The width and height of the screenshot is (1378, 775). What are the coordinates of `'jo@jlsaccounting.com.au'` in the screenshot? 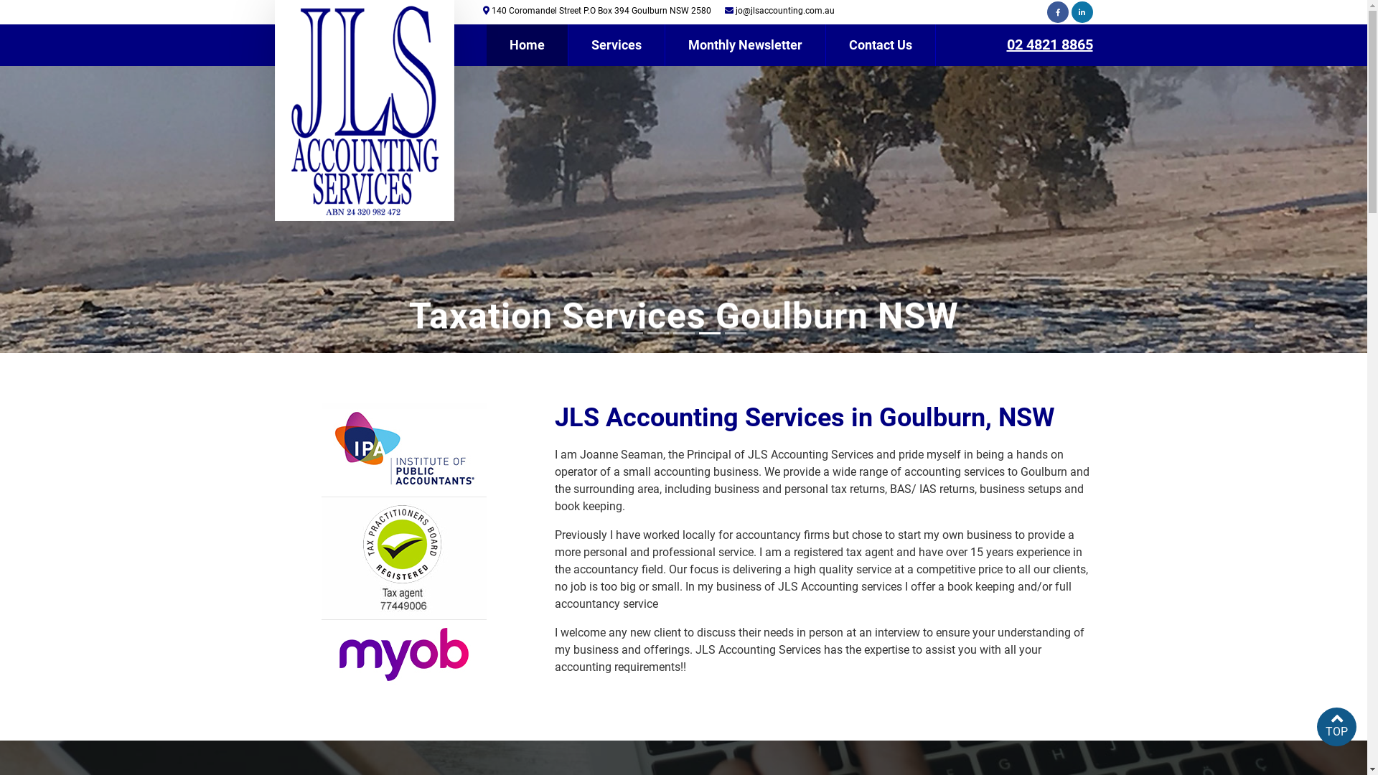 It's located at (784, 11).